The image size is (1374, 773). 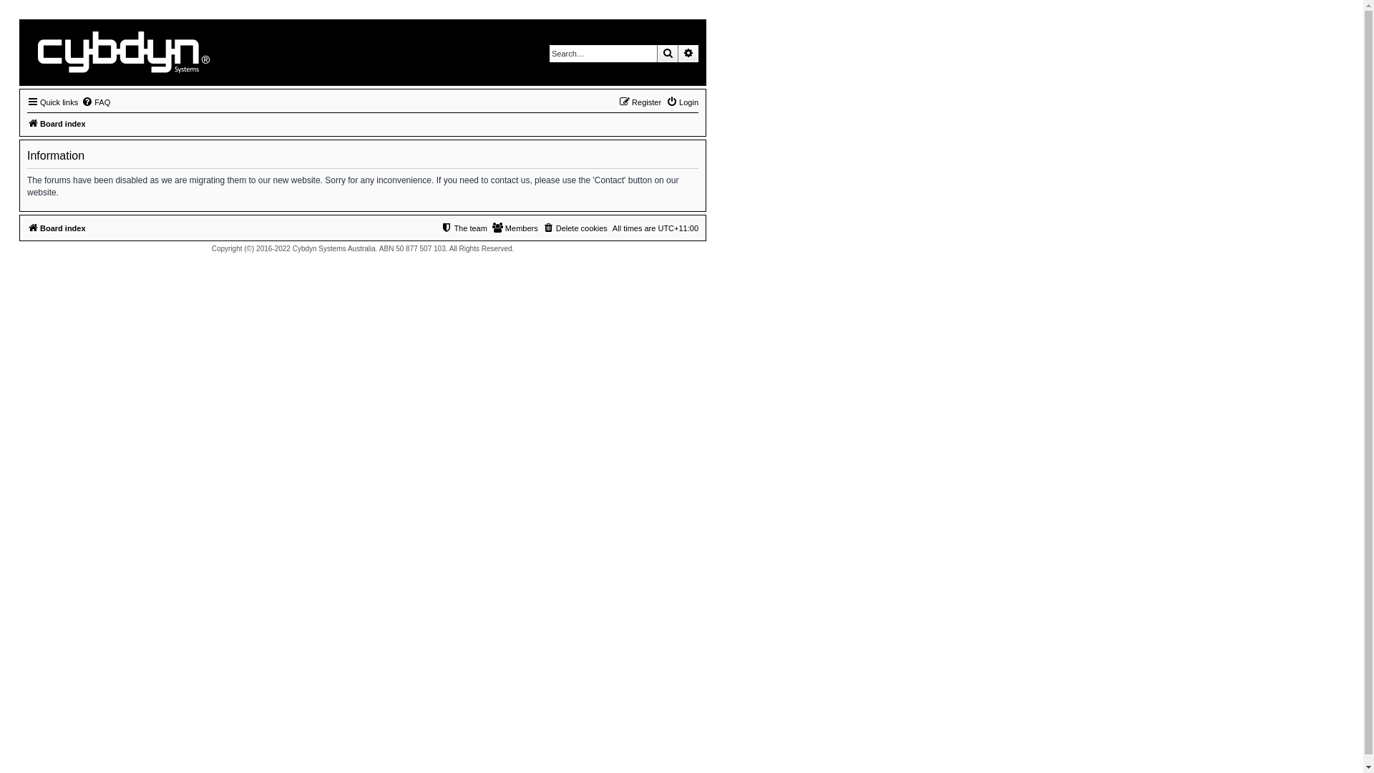 I want to click on 'FAQ', so click(x=95, y=101).